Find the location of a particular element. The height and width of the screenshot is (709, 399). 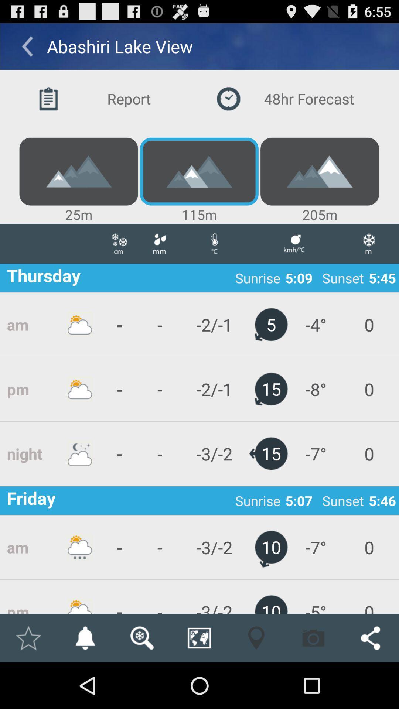

the - icon is located at coordinates (119, 453).